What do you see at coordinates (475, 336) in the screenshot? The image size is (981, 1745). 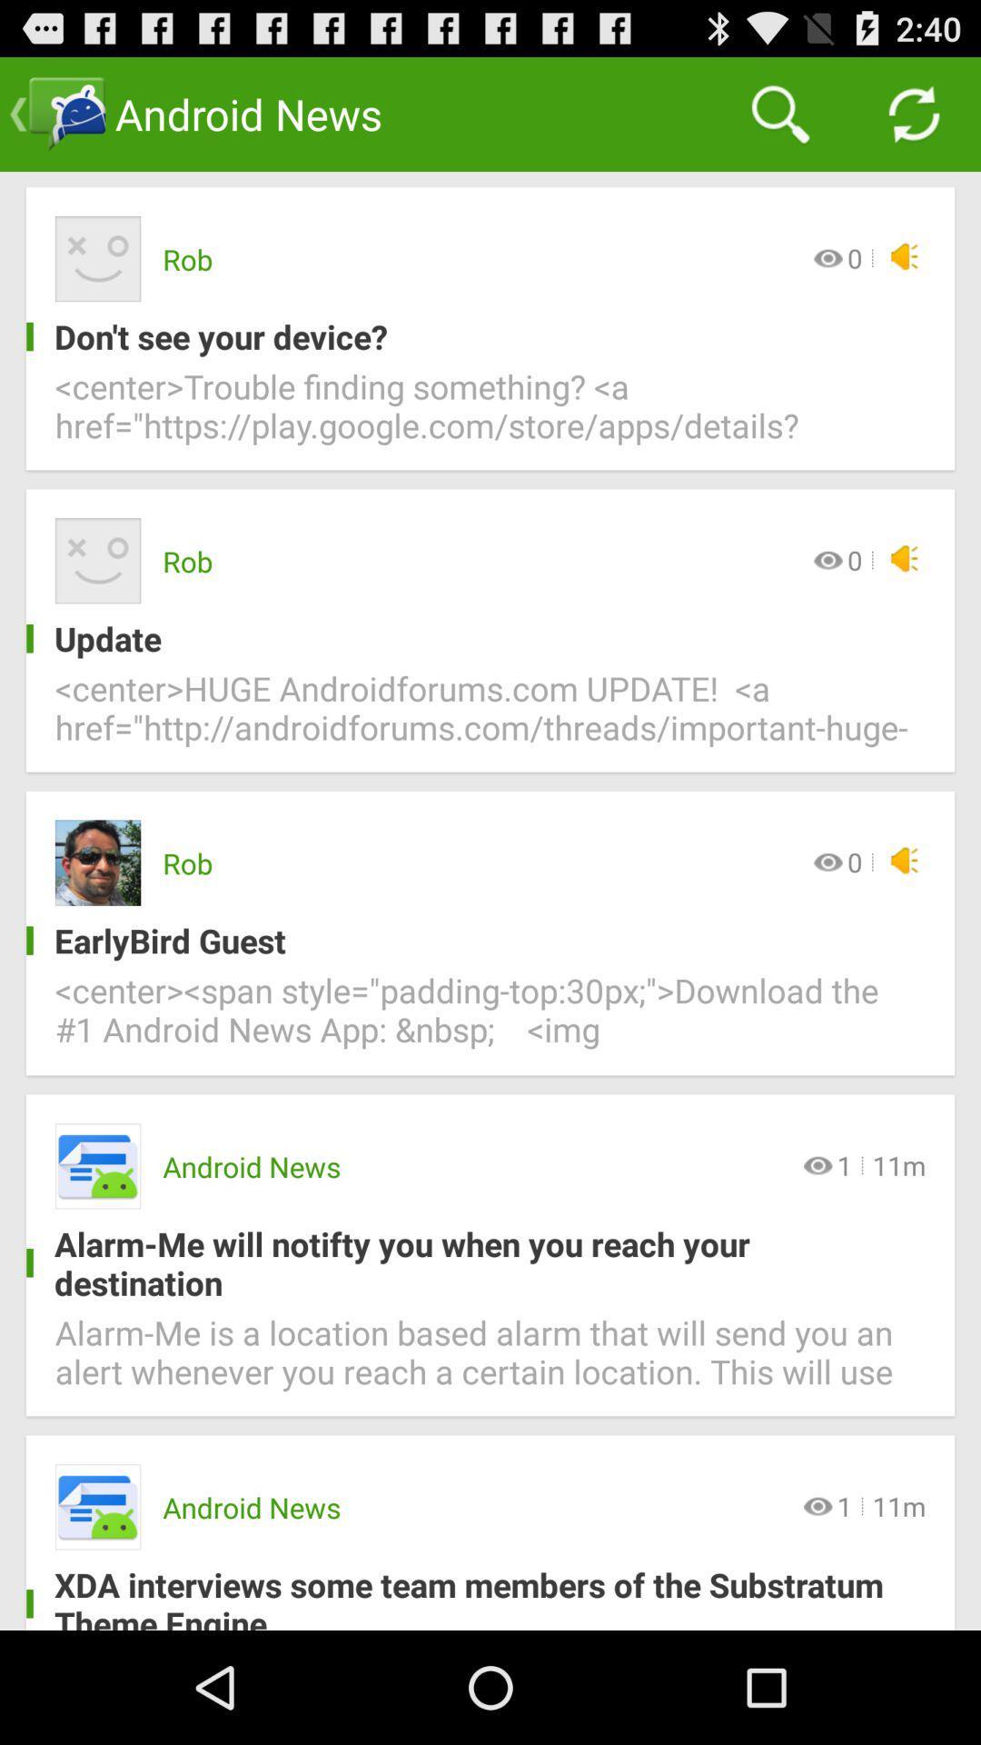 I see `don t see item` at bounding box center [475, 336].